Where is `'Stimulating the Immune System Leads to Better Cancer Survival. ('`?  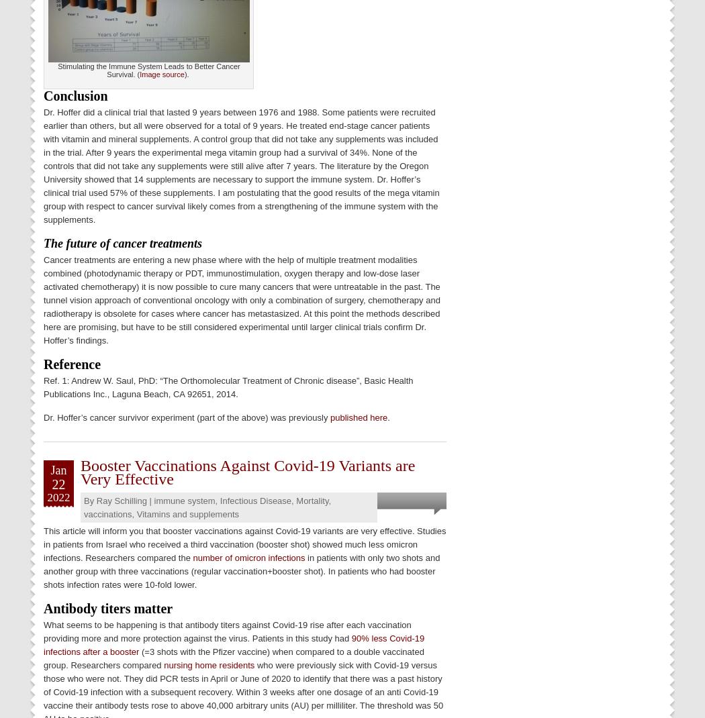
'Stimulating the Immune System Leads to Better Cancer Survival. (' is located at coordinates (148, 70).